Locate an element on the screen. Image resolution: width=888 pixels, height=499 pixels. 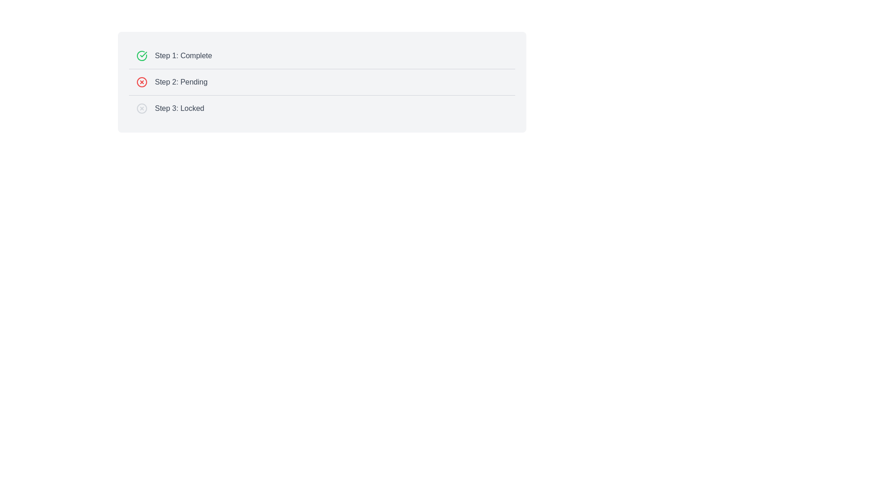
the SVG circle representing the outer boundary of the 'Pending' status icon in the step-by-step process visualization is located at coordinates (142, 81).